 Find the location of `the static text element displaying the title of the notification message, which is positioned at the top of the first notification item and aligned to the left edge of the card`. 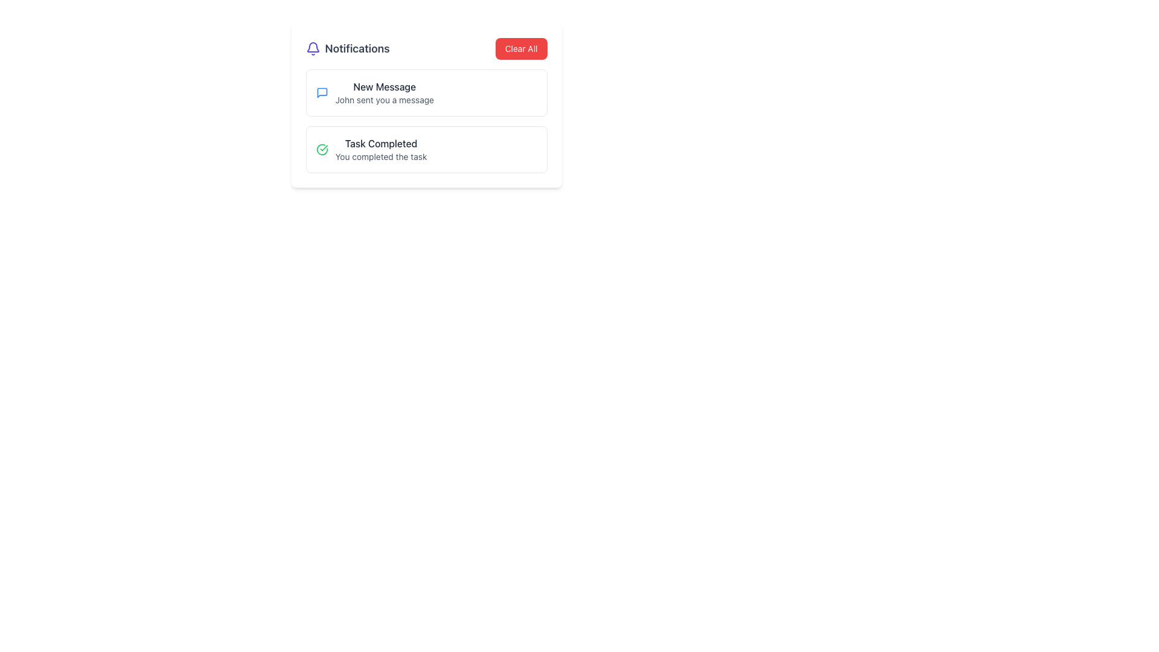

the static text element displaying the title of the notification message, which is positioned at the top of the first notification item and aligned to the left edge of the card is located at coordinates (384, 86).